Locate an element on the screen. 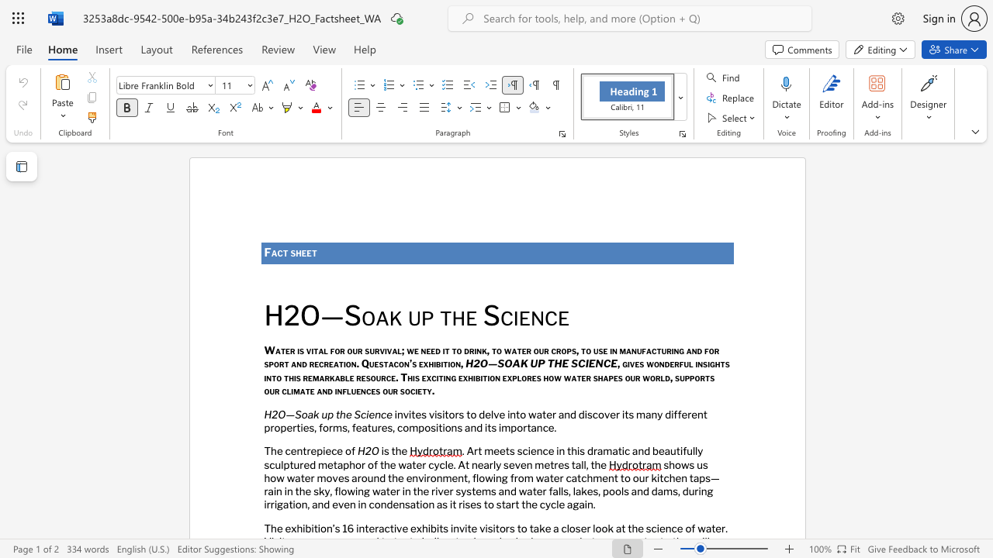 The image size is (993, 558). the subset text "our so" within the text "and influences our society." is located at coordinates (382, 389).